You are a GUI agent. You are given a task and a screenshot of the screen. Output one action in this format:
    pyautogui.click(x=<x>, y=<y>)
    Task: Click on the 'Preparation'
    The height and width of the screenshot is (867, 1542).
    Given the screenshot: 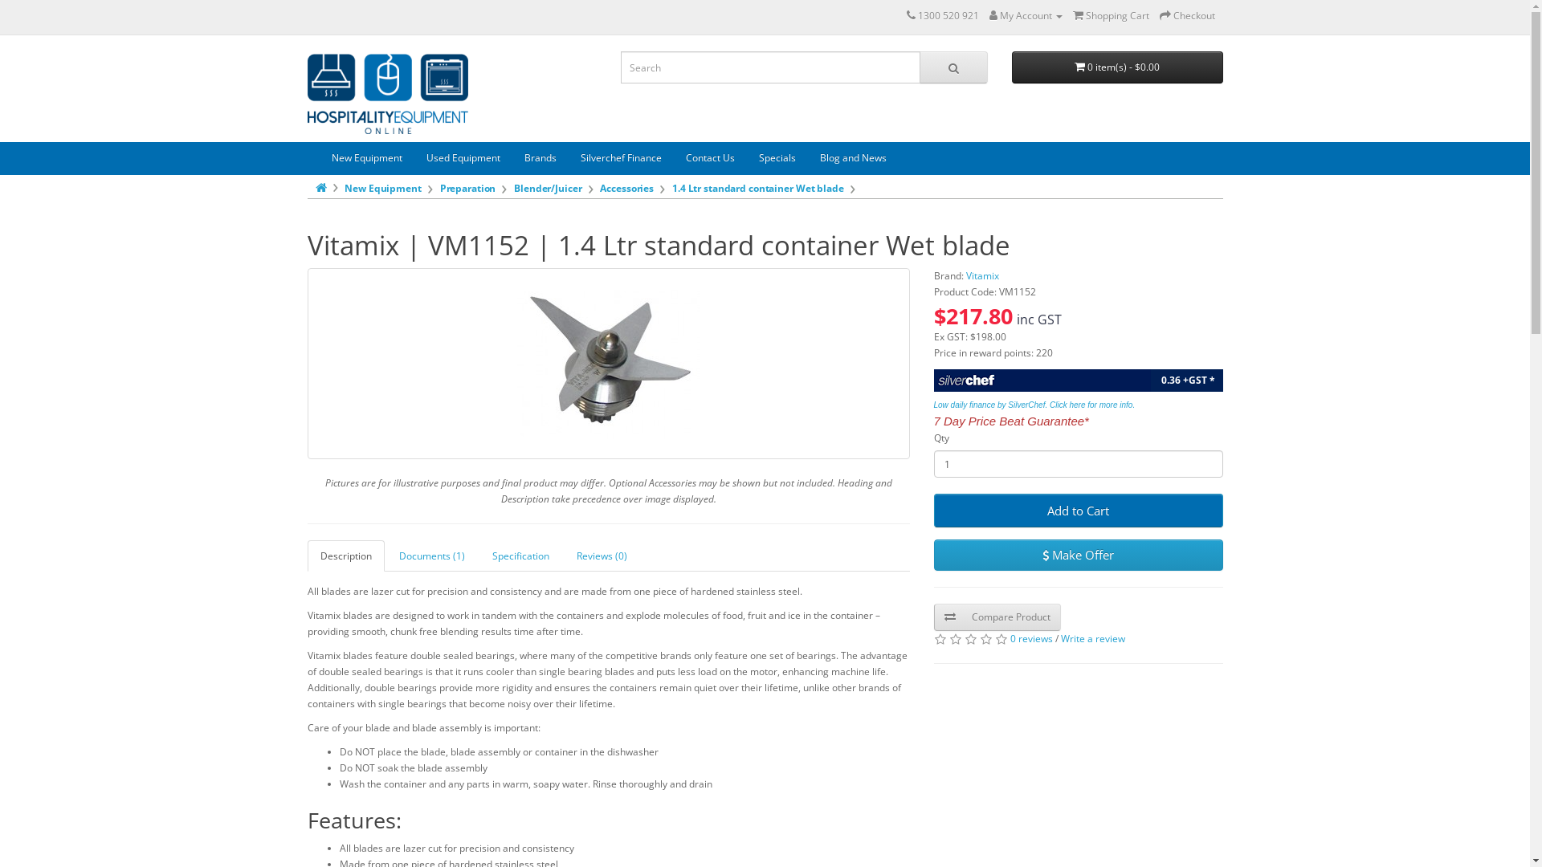 What is the action you would take?
    pyautogui.click(x=467, y=187)
    